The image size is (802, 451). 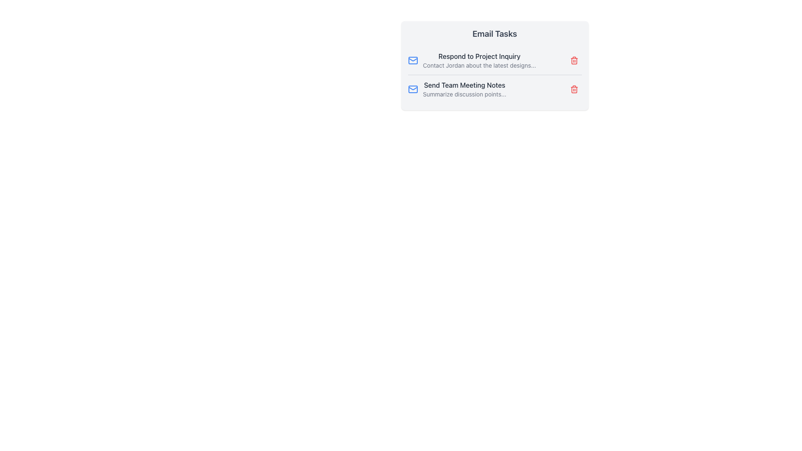 I want to click on the Header or Label element that identifies the task related to project inquiries, located in the task card labeled 'Email Tasks', so click(x=479, y=56).